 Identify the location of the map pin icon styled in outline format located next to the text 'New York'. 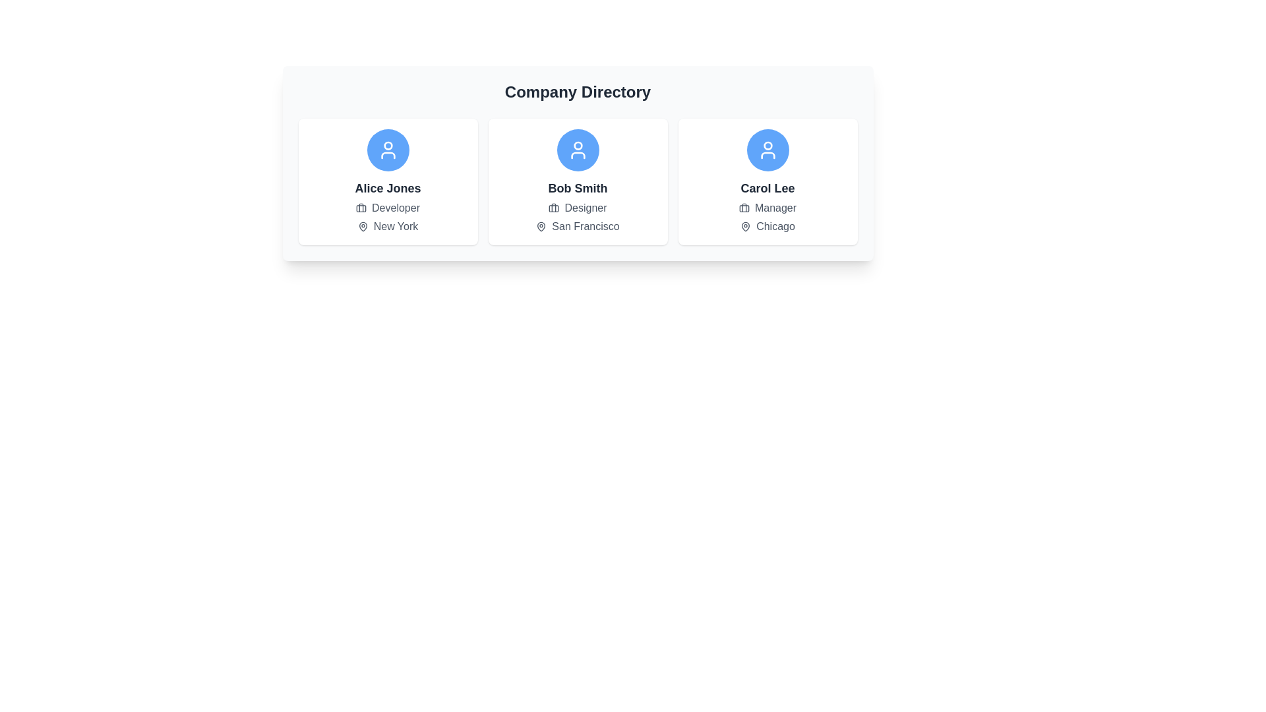
(363, 225).